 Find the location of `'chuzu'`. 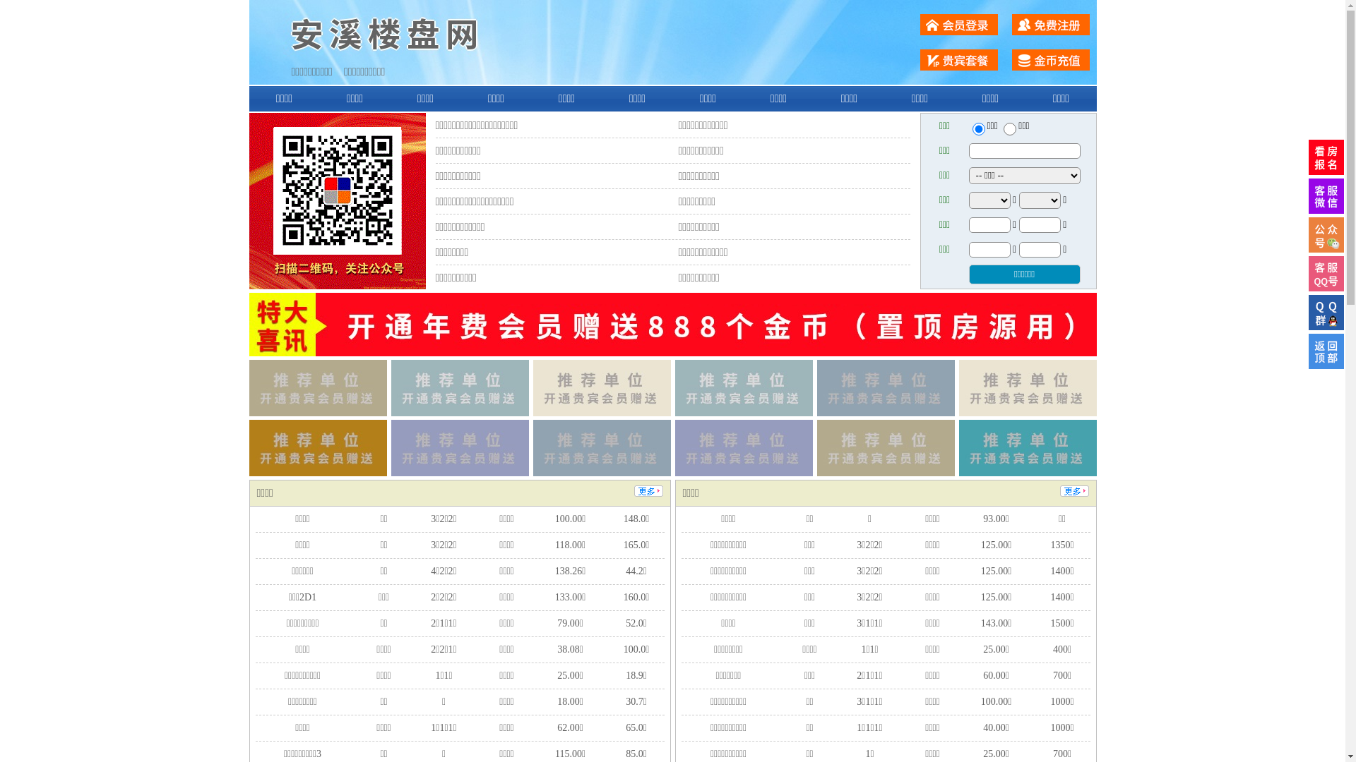

'chuzu' is located at coordinates (1009, 128).